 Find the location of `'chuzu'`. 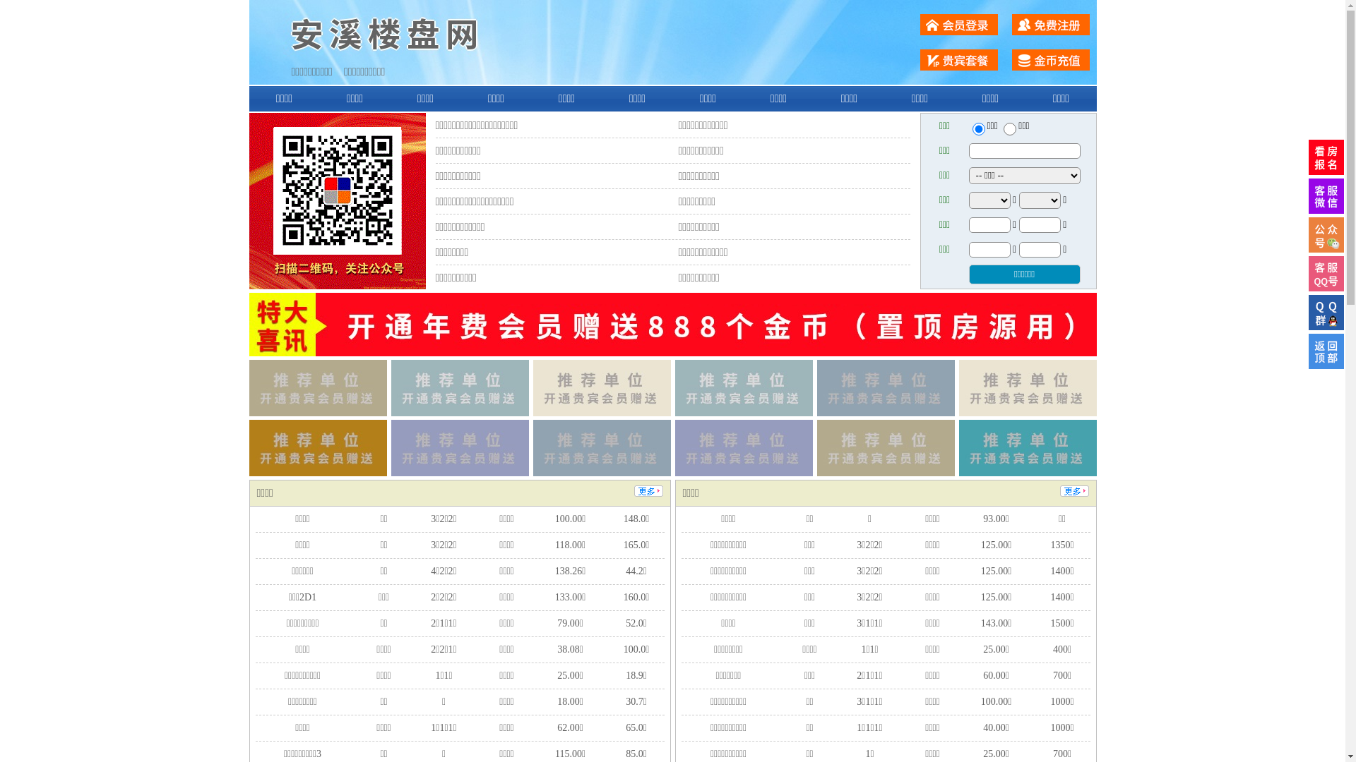

'chuzu' is located at coordinates (1009, 128).